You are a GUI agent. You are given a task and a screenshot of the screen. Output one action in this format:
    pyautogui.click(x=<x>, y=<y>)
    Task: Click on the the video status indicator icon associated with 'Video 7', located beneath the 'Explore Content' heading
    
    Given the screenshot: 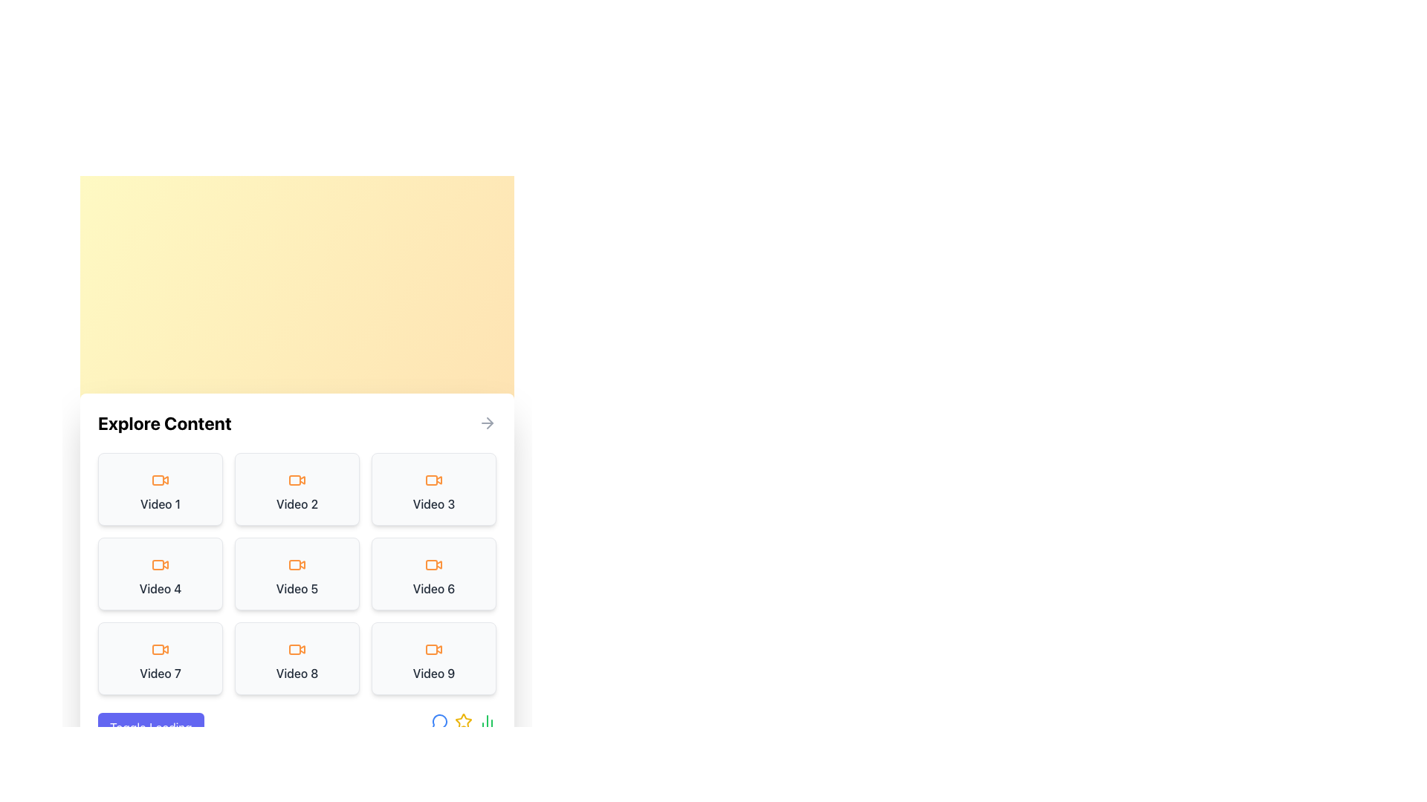 What is the action you would take?
    pyautogui.click(x=158, y=649)
    